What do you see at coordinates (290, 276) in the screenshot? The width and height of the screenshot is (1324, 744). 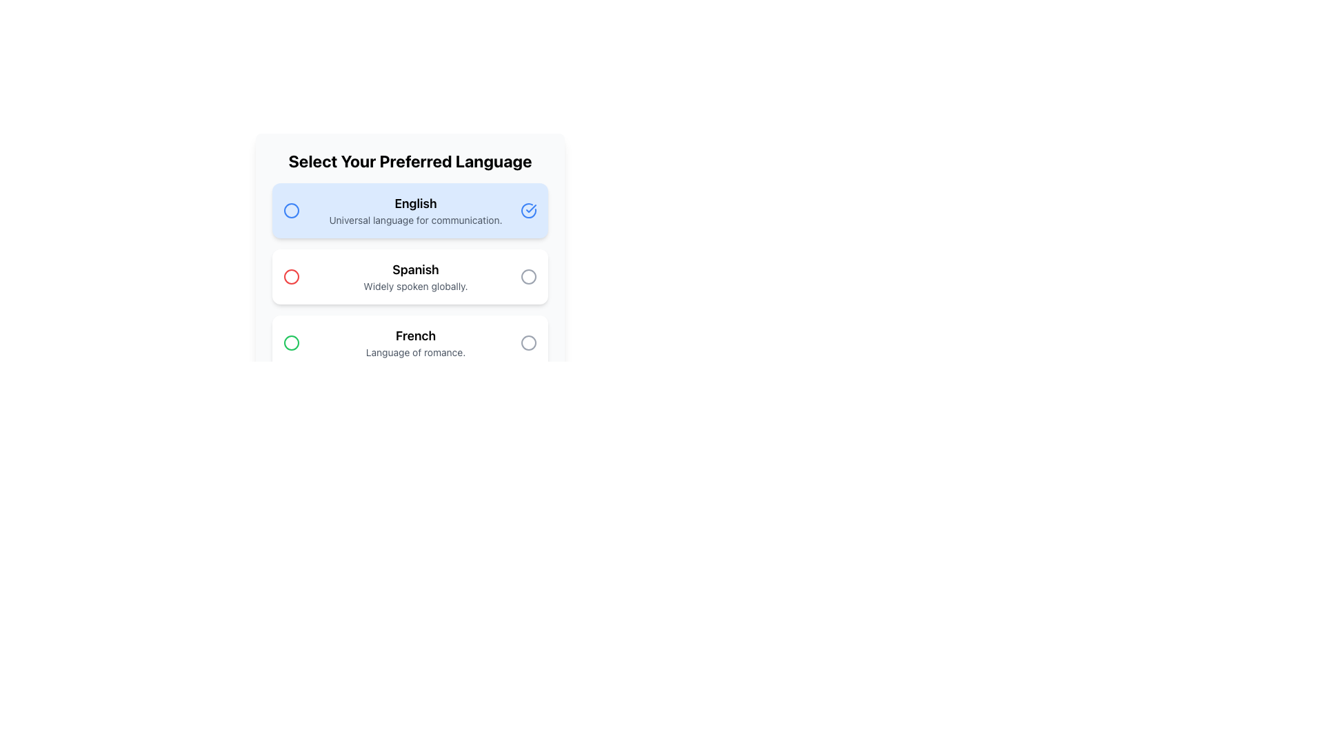 I see `the red circular icon located to the left of the text 'Spanish' in the list` at bounding box center [290, 276].